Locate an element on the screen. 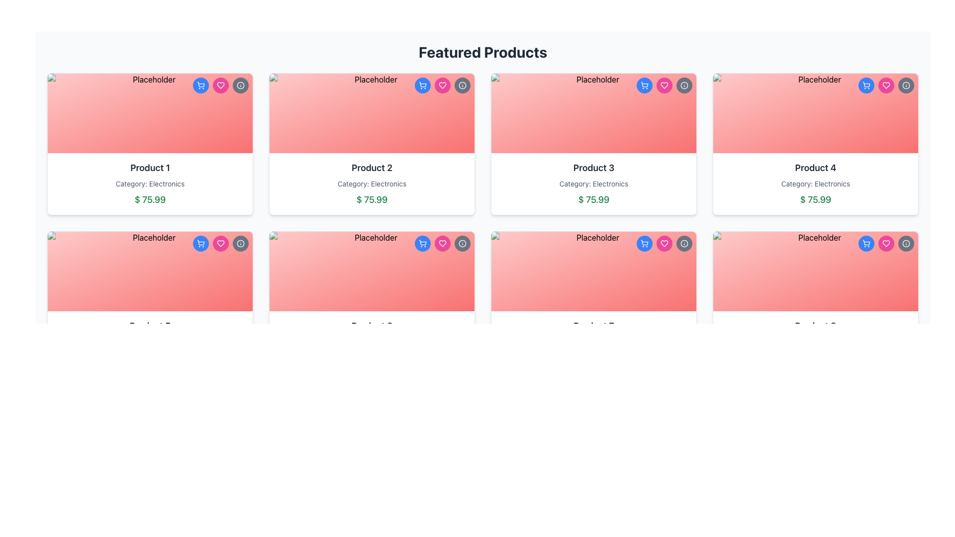 The height and width of the screenshot is (537, 955). the red gradient rectangle in the Image Display Area of the 'Product 2' card, which contains the text 'Placeholder' and is located in the second column of the first row in a grid layout is located at coordinates (372, 112).